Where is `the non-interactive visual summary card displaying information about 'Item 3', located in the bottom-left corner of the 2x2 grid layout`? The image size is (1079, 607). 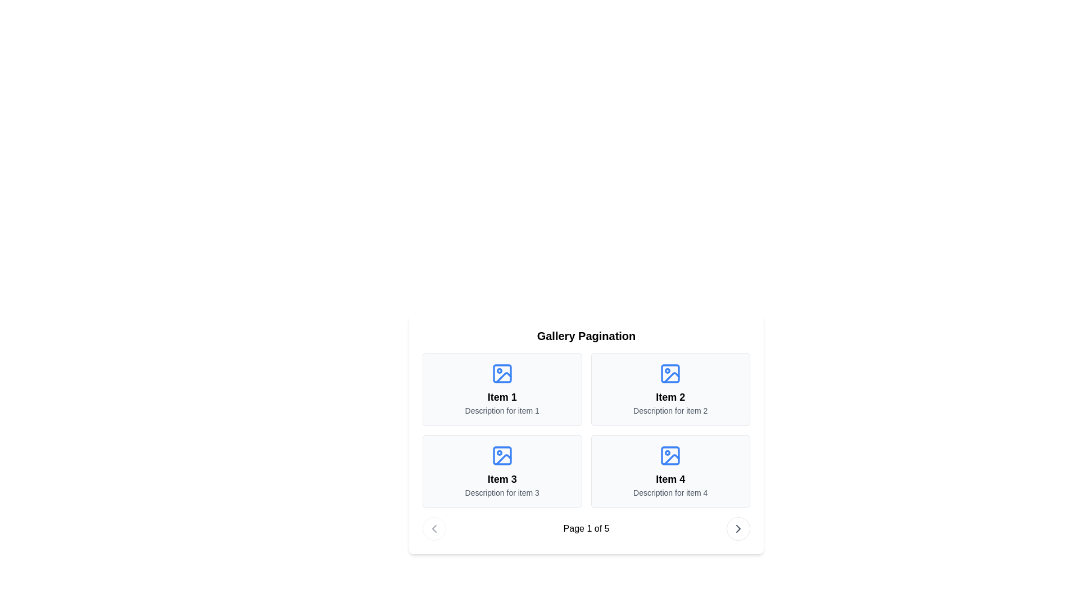
the non-interactive visual summary card displaying information about 'Item 3', located in the bottom-left corner of the 2x2 grid layout is located at coordinates (501, 472).